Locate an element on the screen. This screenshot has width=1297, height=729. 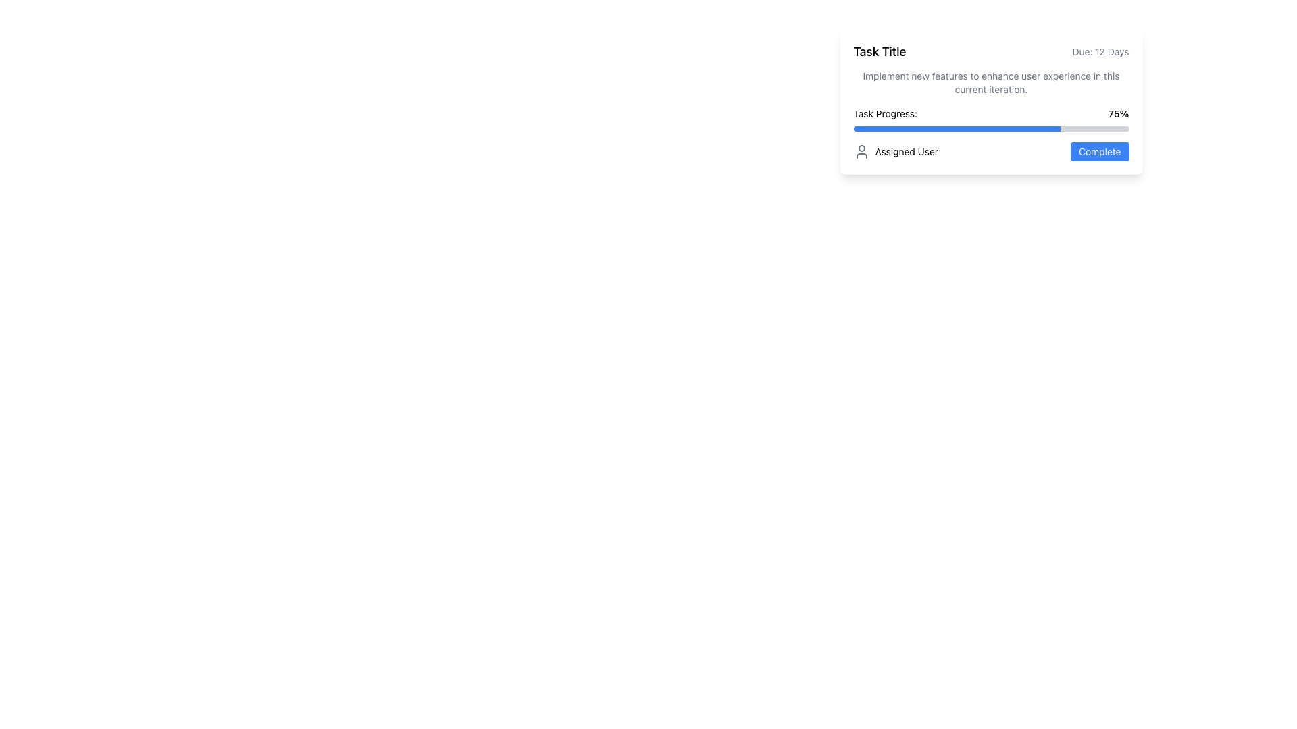
the text label displaying 'Task Progress:' which is aligned with the '75%' progress indicator to its right is located at coordinates (885, 113).